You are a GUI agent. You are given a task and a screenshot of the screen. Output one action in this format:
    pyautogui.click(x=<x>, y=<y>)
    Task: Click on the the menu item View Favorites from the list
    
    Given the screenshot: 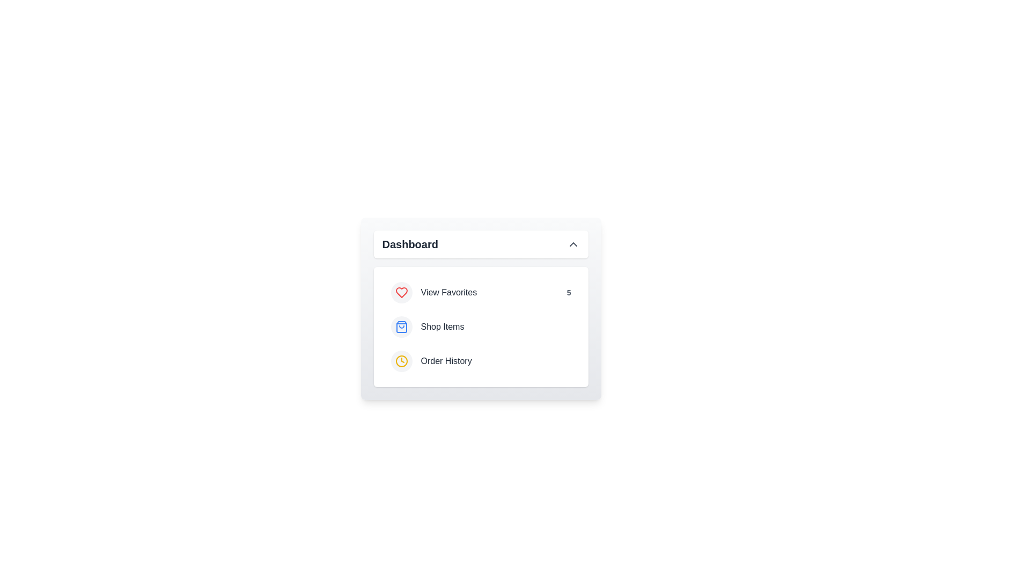 What is the action you would take?
    pyautogui.click(x=480, y=293)
    